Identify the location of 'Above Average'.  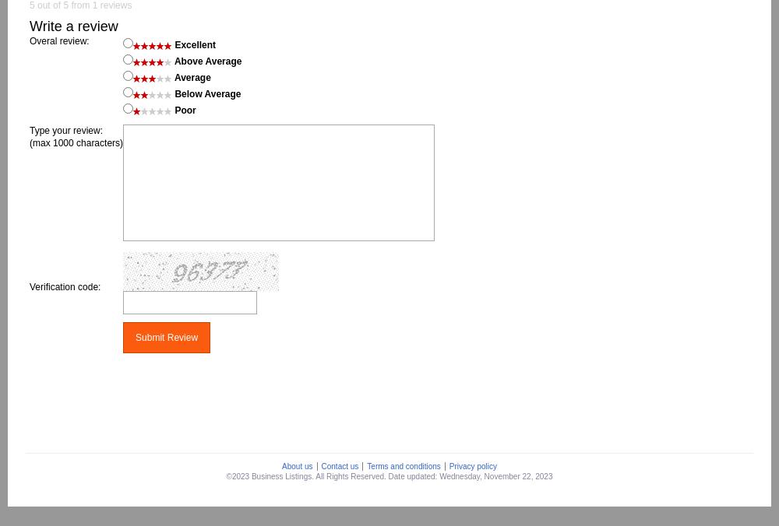
(206, 60).